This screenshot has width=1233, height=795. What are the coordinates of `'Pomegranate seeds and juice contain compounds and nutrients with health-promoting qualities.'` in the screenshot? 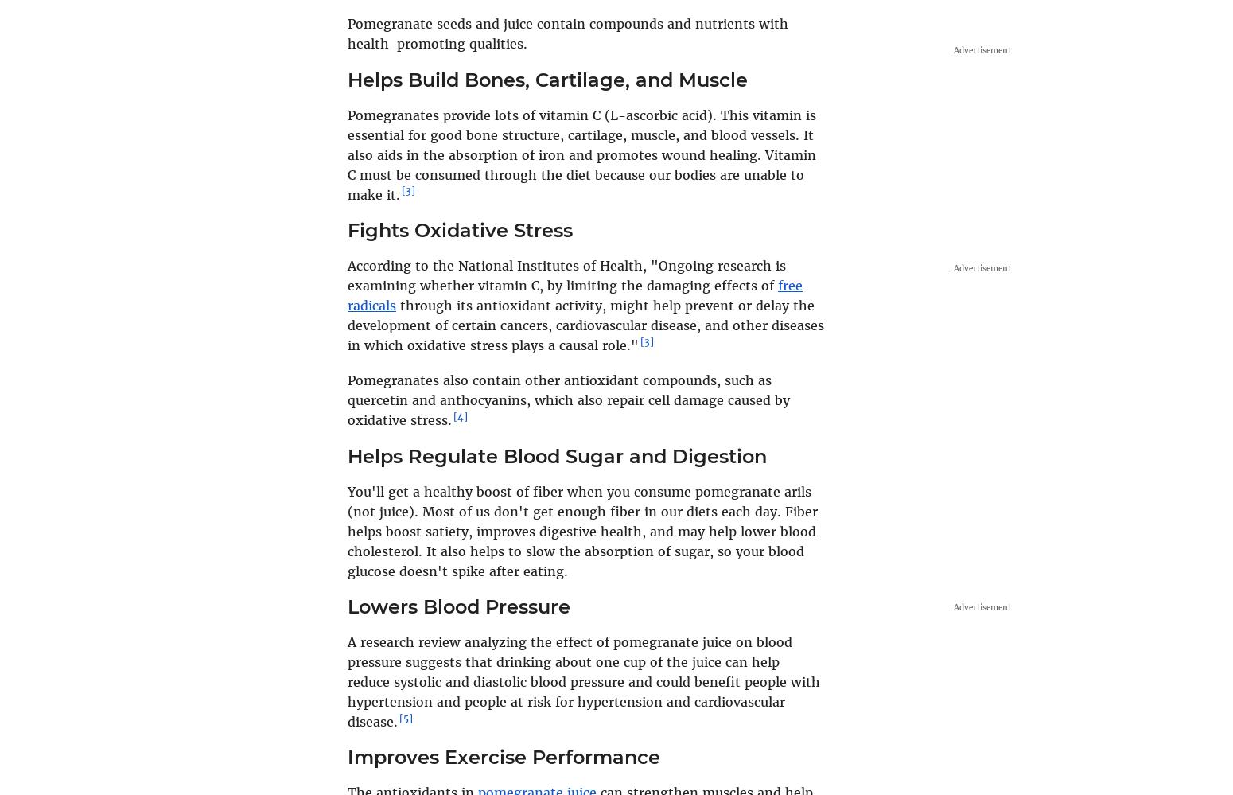 It's located at (567, 33).